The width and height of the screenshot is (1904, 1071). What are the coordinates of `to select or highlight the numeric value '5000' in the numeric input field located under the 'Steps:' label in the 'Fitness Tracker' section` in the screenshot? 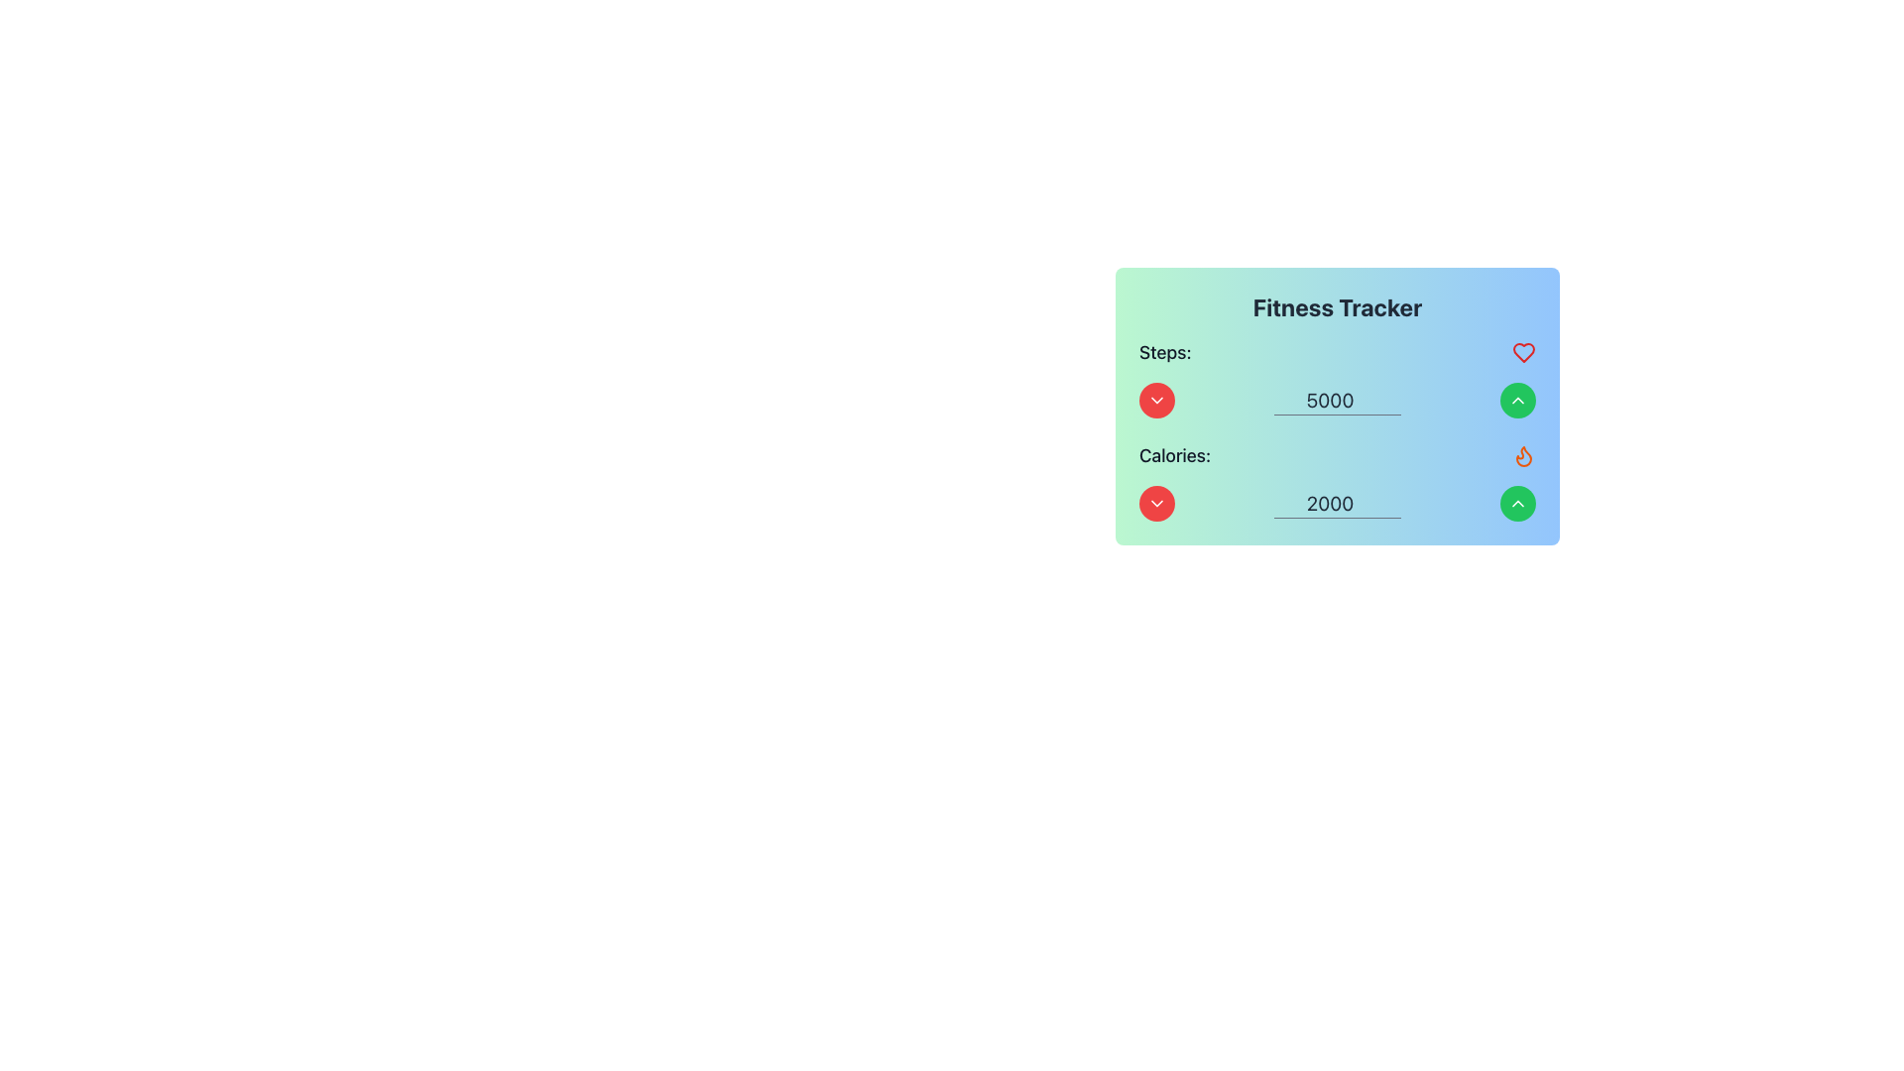 It's located at (1337, 401).